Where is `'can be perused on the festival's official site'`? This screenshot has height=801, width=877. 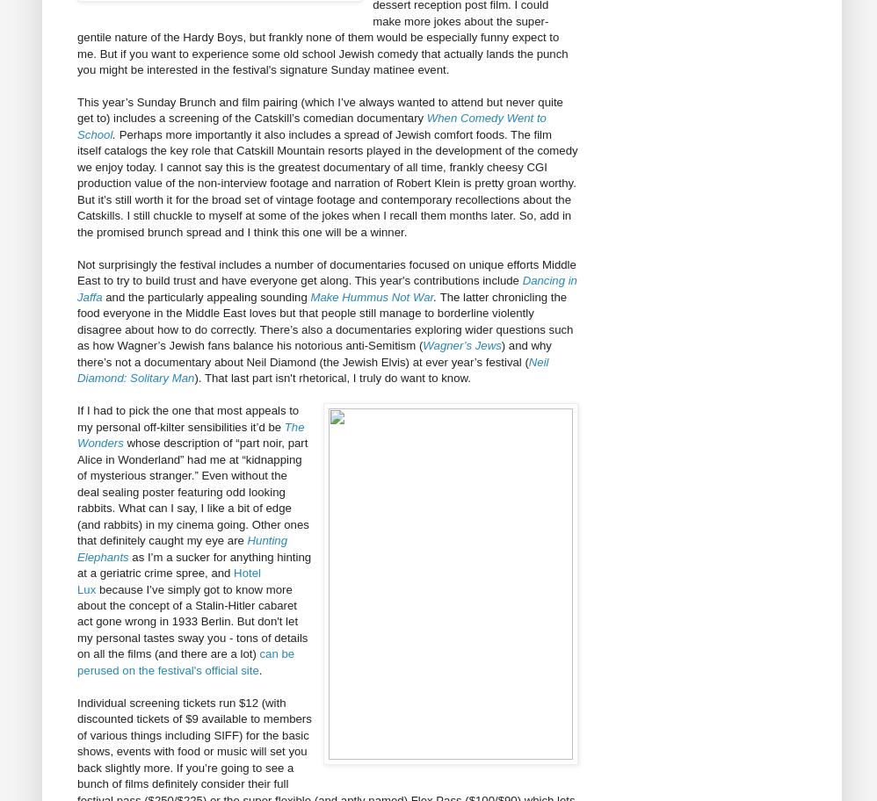 'can be perused on the festival's official site' is located at coordinates (76, 660).